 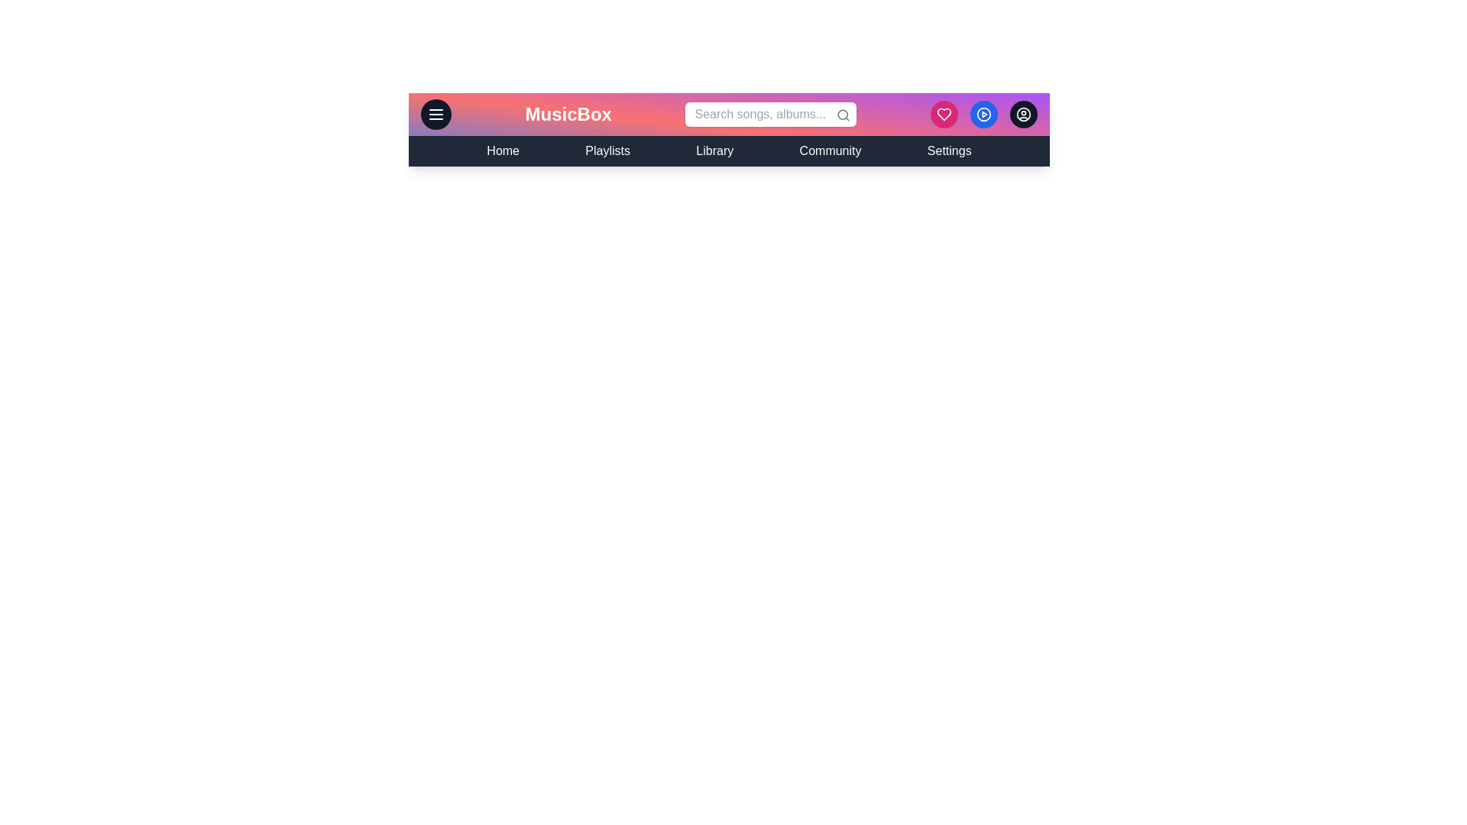 What do you see at coordinates (714, 150) in the screenshot?
I see `the navigation link Library to navigate to the respective section` at bounding box center [714, 150].